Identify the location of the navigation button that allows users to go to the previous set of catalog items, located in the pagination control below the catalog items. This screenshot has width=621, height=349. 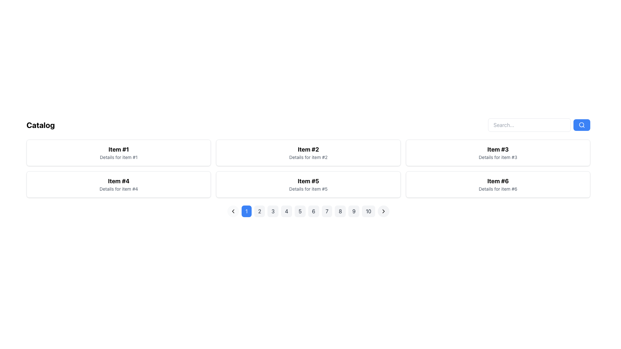
(233, 211).